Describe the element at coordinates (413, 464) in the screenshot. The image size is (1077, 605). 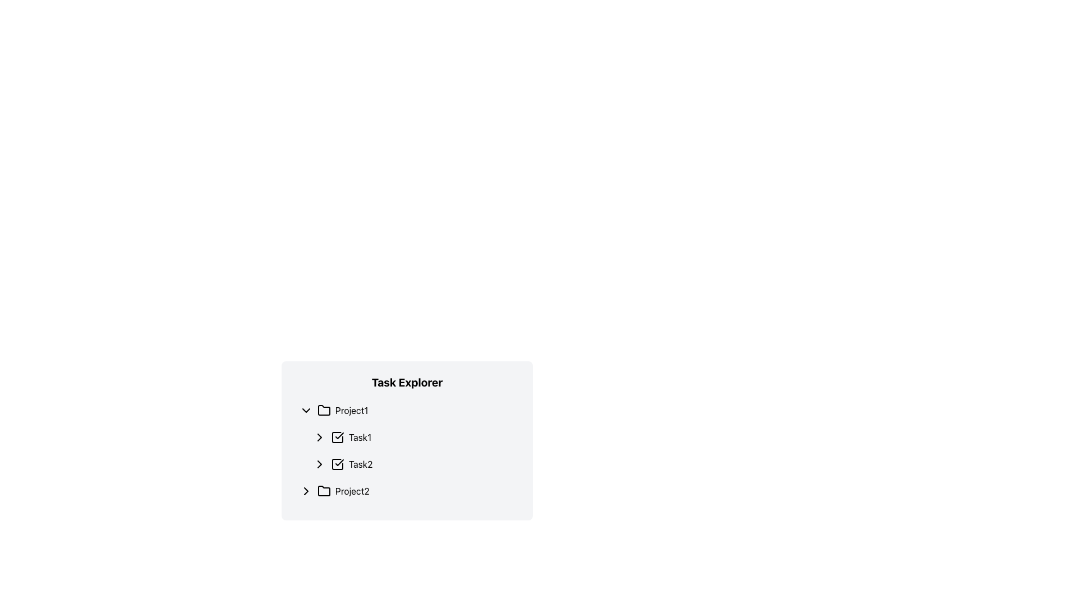
I see `the second row of the task explorer interface labeled 'Task2'` at that location.